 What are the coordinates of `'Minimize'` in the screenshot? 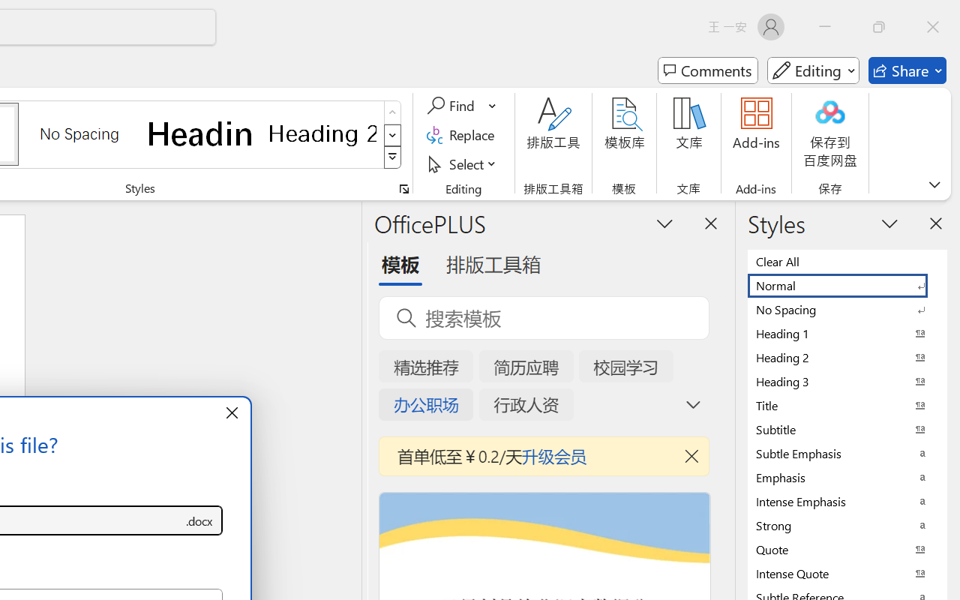 It's located at (824, 26).